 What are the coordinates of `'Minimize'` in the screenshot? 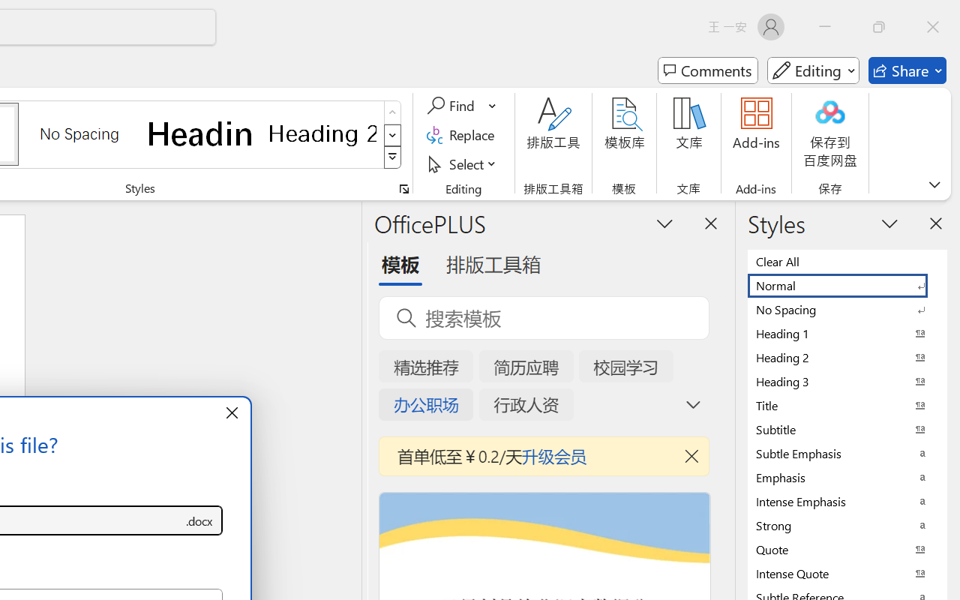 It's located at (824, 26).